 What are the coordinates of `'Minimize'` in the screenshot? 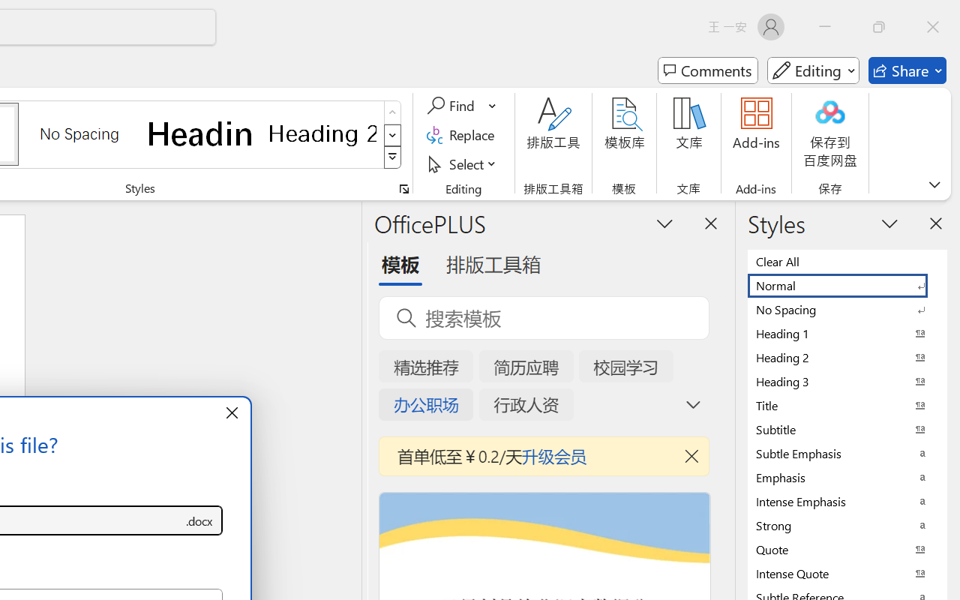 It's located at (824, 26).